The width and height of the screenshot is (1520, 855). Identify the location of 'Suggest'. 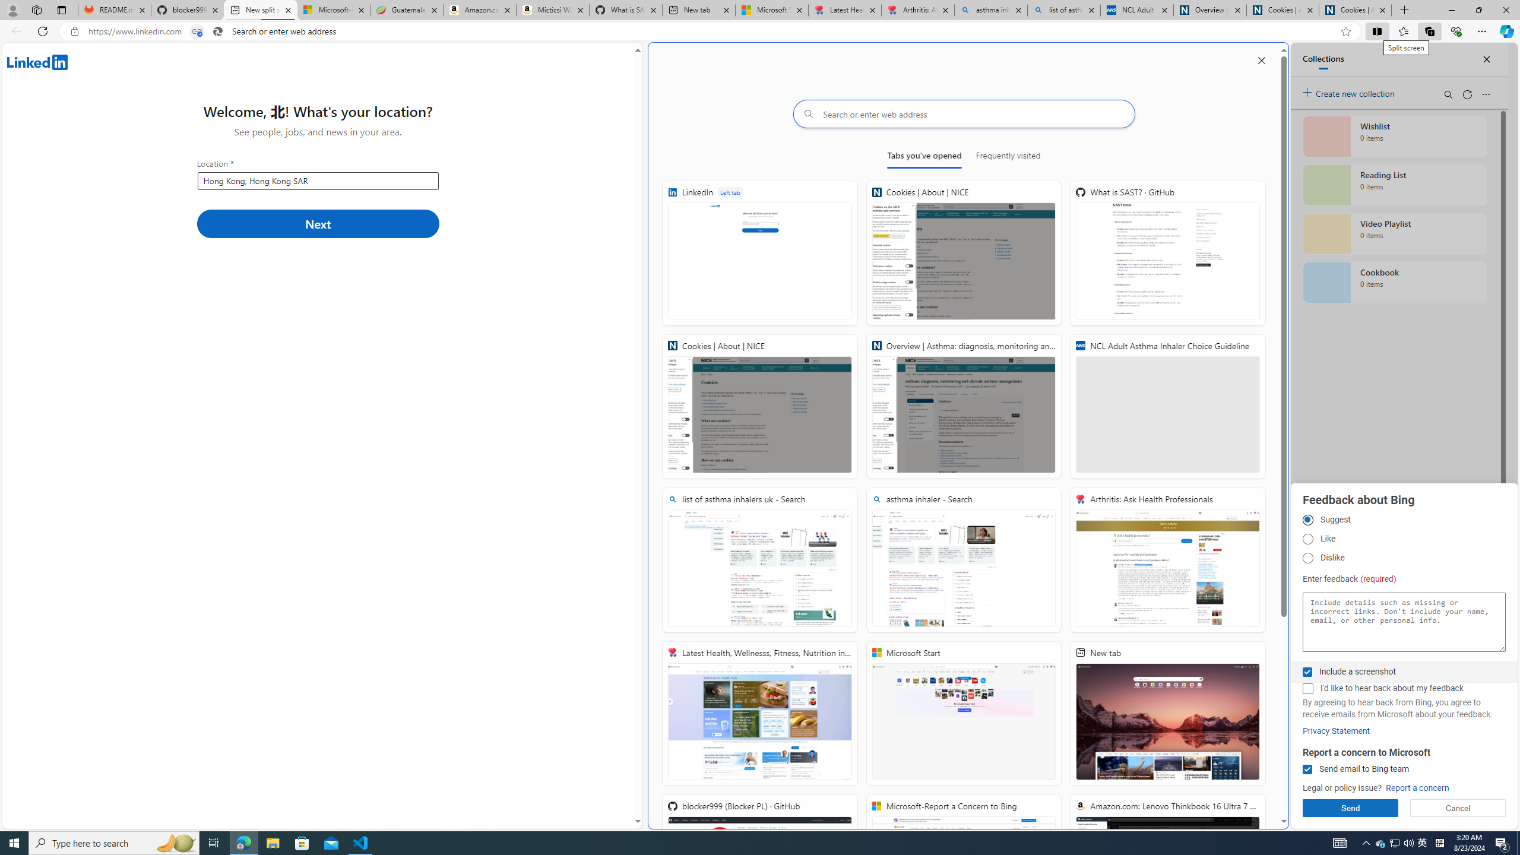
(1307, 520).